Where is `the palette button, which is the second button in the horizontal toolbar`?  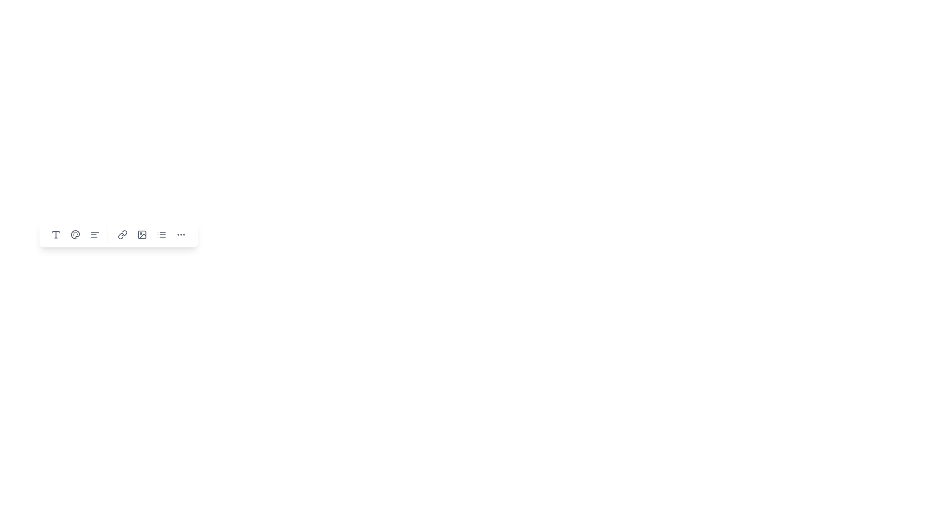
the palette button, which is the second button in the horizontal toolbar is located at coordinates (75, 235).